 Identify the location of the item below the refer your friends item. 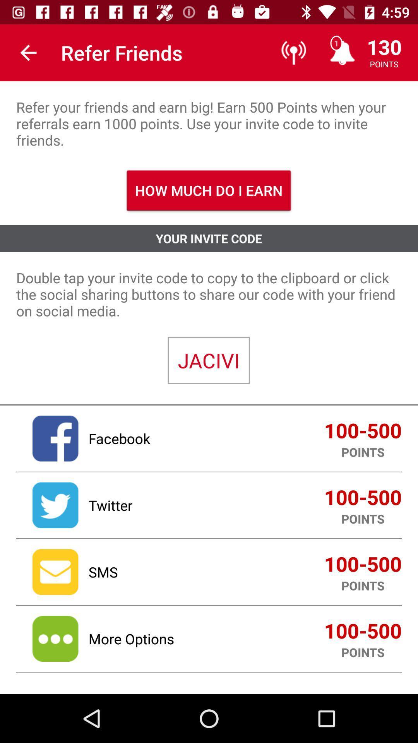
(208, 190).